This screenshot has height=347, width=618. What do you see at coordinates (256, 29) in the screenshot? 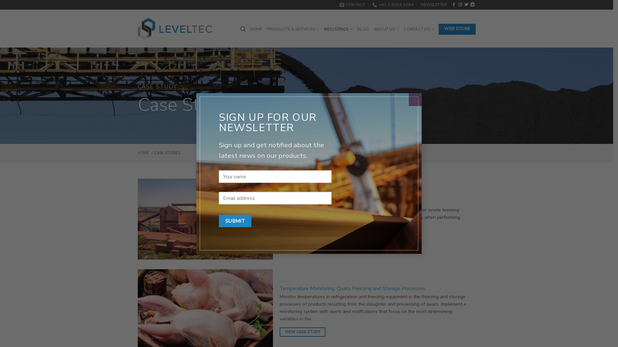
I see `'HOME'` at bounding box center [256, 29].